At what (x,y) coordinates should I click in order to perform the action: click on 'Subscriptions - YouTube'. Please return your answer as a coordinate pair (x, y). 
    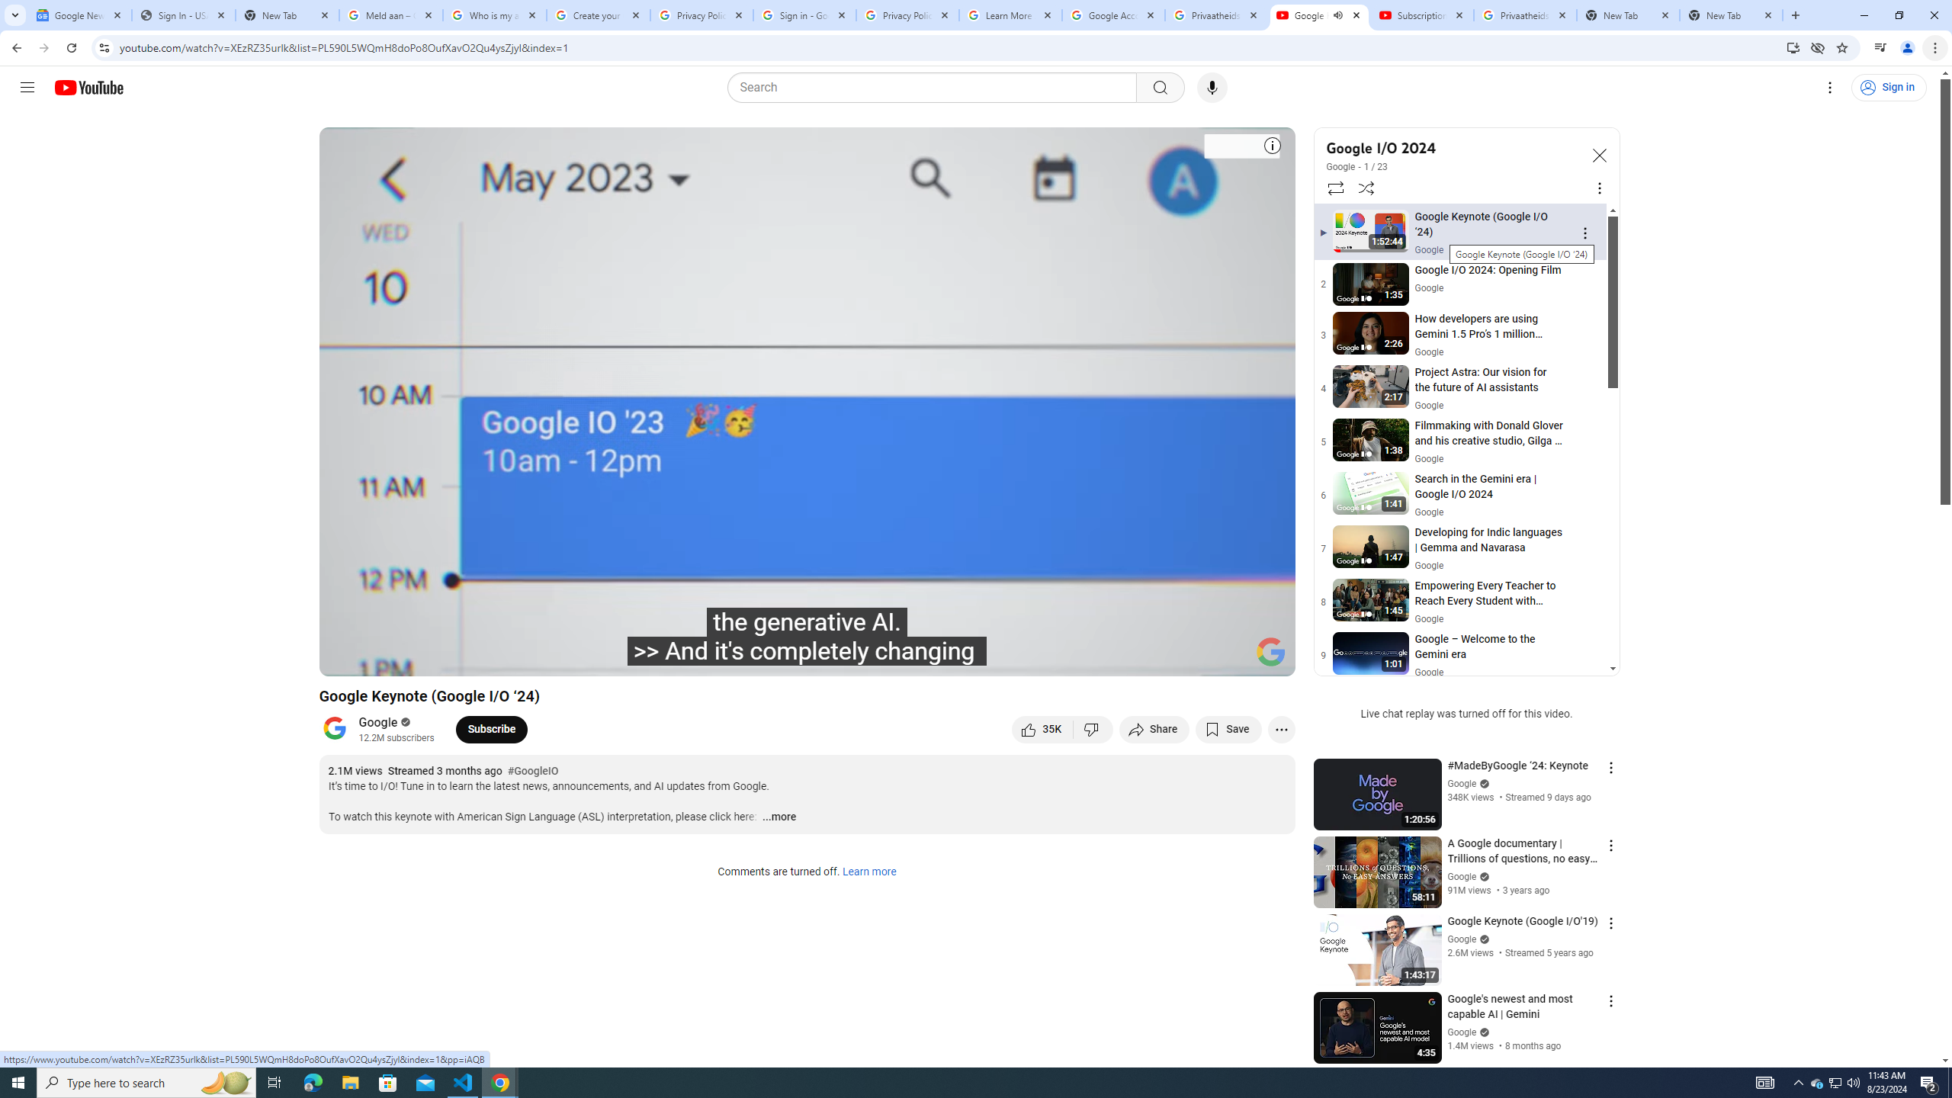
    Looking at the image, I should click on (1423, 14).